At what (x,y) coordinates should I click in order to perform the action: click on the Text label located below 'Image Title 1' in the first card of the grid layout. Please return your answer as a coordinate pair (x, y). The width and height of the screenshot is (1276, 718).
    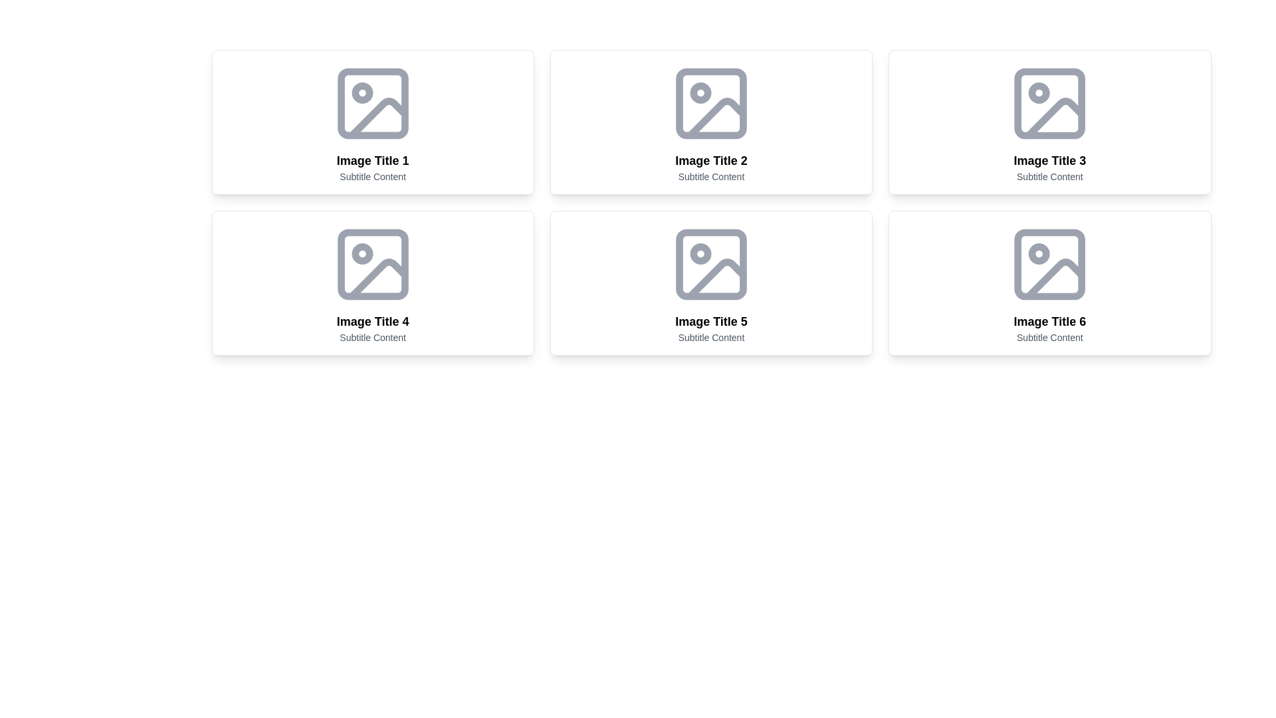
    Looking at the image, I should click on (372, 176).